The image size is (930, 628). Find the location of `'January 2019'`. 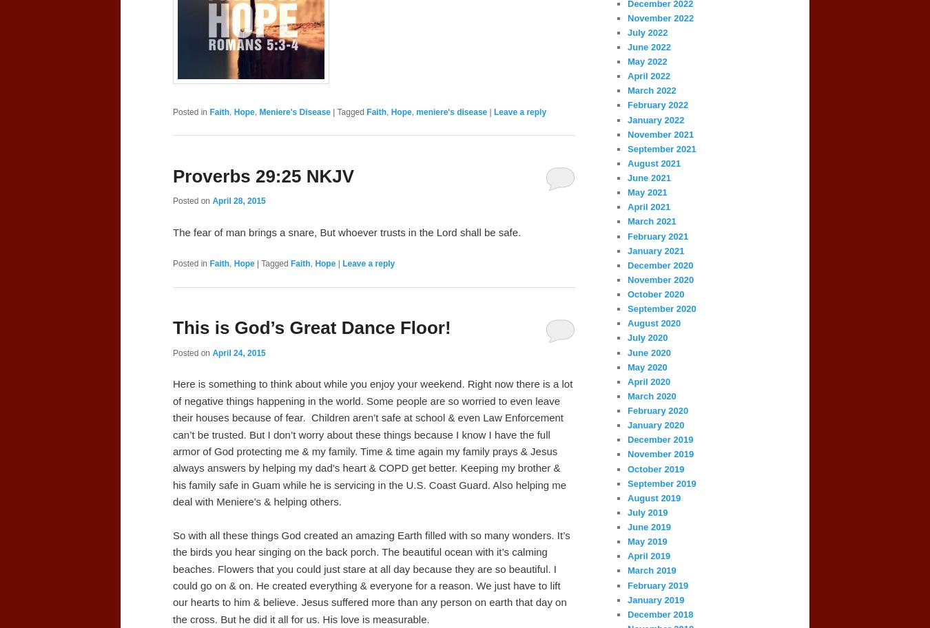

'January 2019' is located at coordinates (655, 599).